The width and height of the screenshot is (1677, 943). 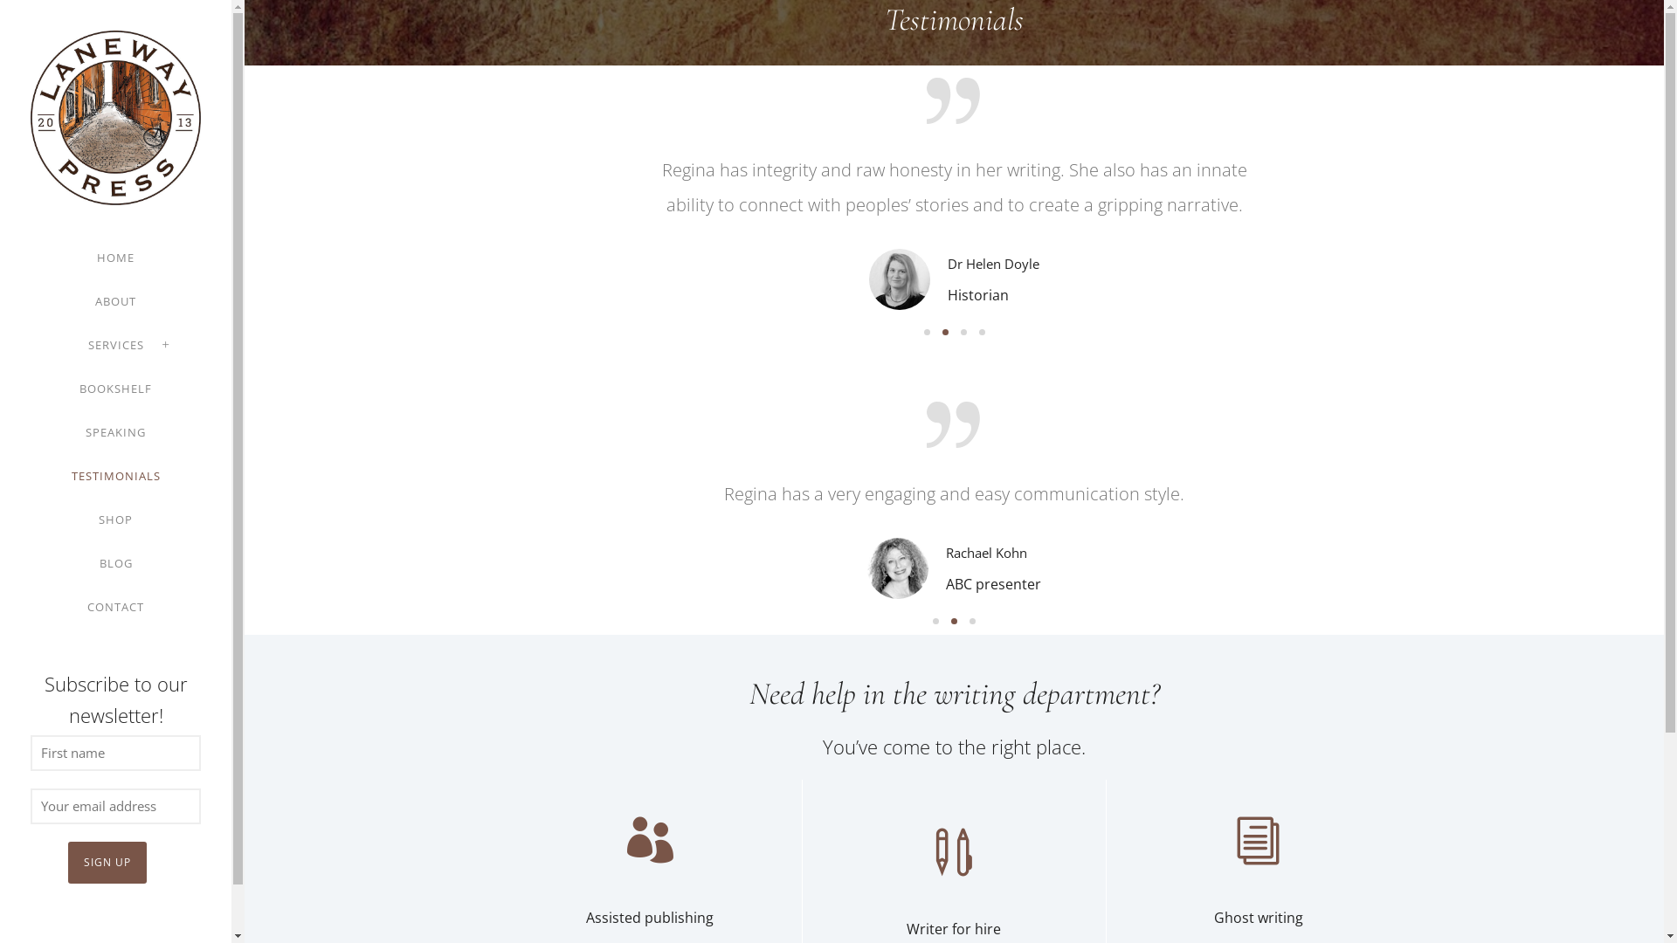 What do you see at coordinates (114, 387) in the screenshot?
I see `'BOOKSHELF'` at bounding box center [114, 387].